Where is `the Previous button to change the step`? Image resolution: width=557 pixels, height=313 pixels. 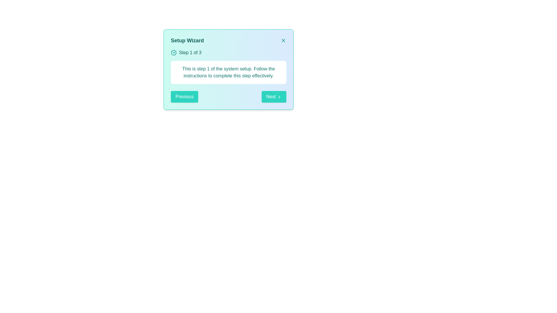
the Previous button to change the step is located at coordinates (184, 97).